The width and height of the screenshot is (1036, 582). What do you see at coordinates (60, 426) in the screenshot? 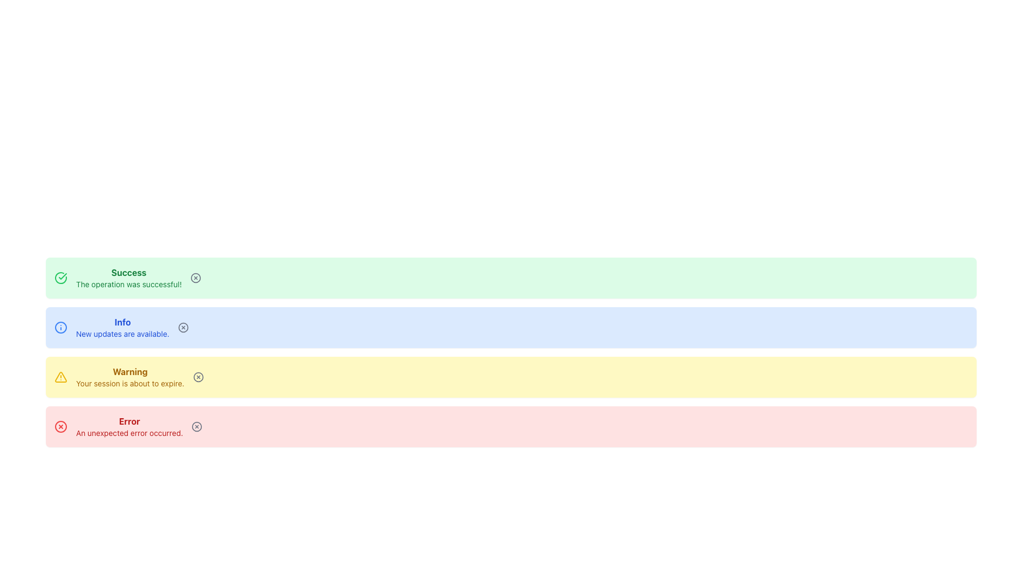
I see `the small circular icon with a red border and an internal red cross located in the notification bar labeled 'Error' at the bottom of the notification stack` at bounding box center [60, 426].